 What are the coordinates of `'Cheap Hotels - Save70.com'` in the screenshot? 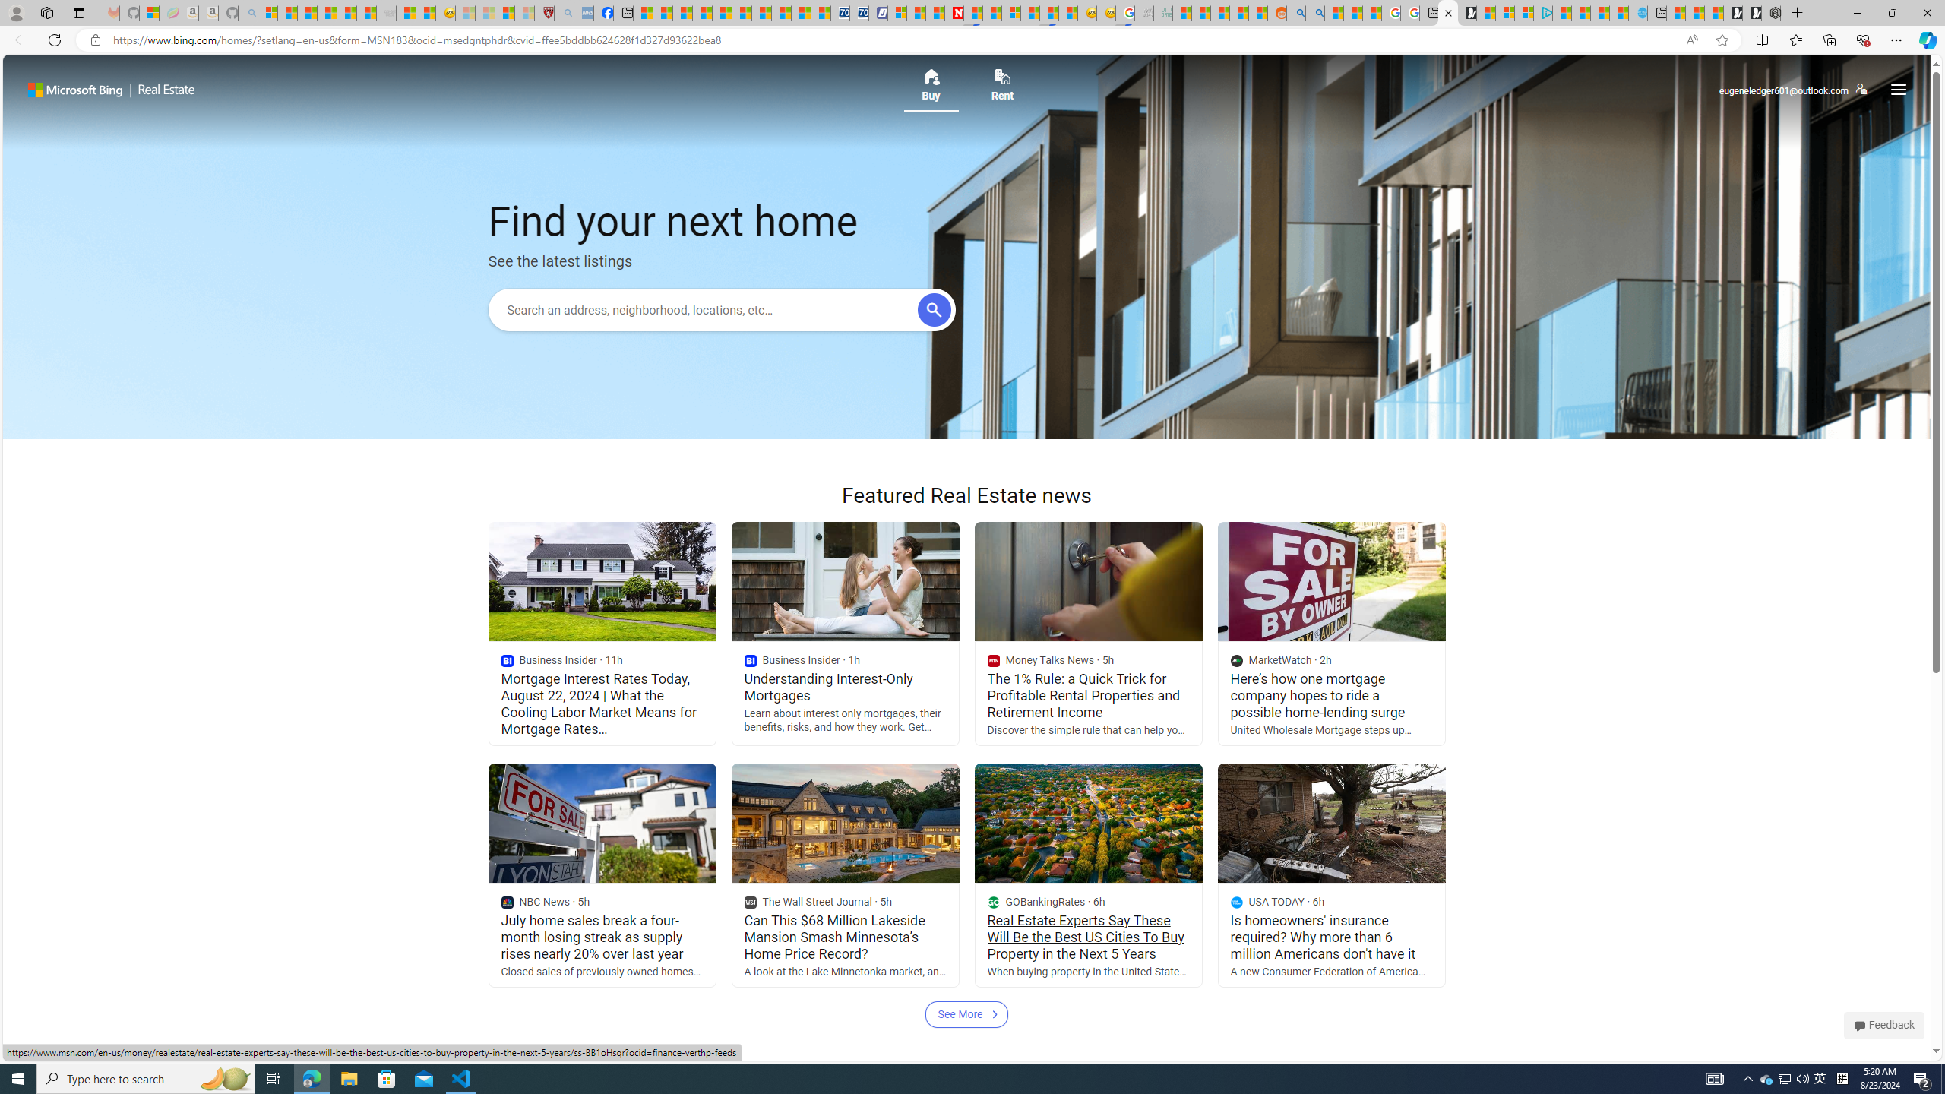 It's located at (859, 12).